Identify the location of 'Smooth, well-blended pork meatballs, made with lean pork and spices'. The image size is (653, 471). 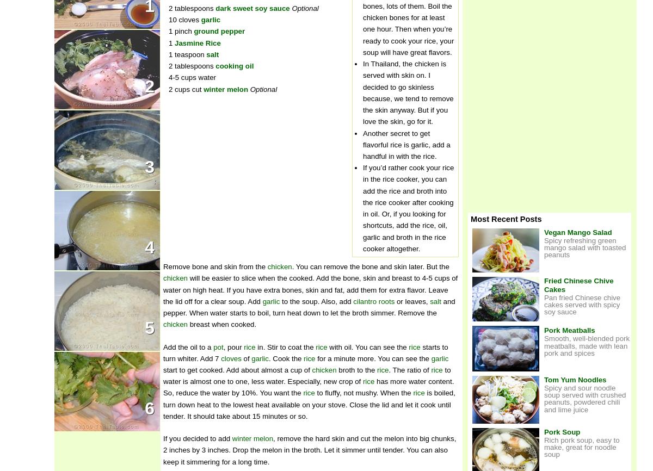
(586, 345).